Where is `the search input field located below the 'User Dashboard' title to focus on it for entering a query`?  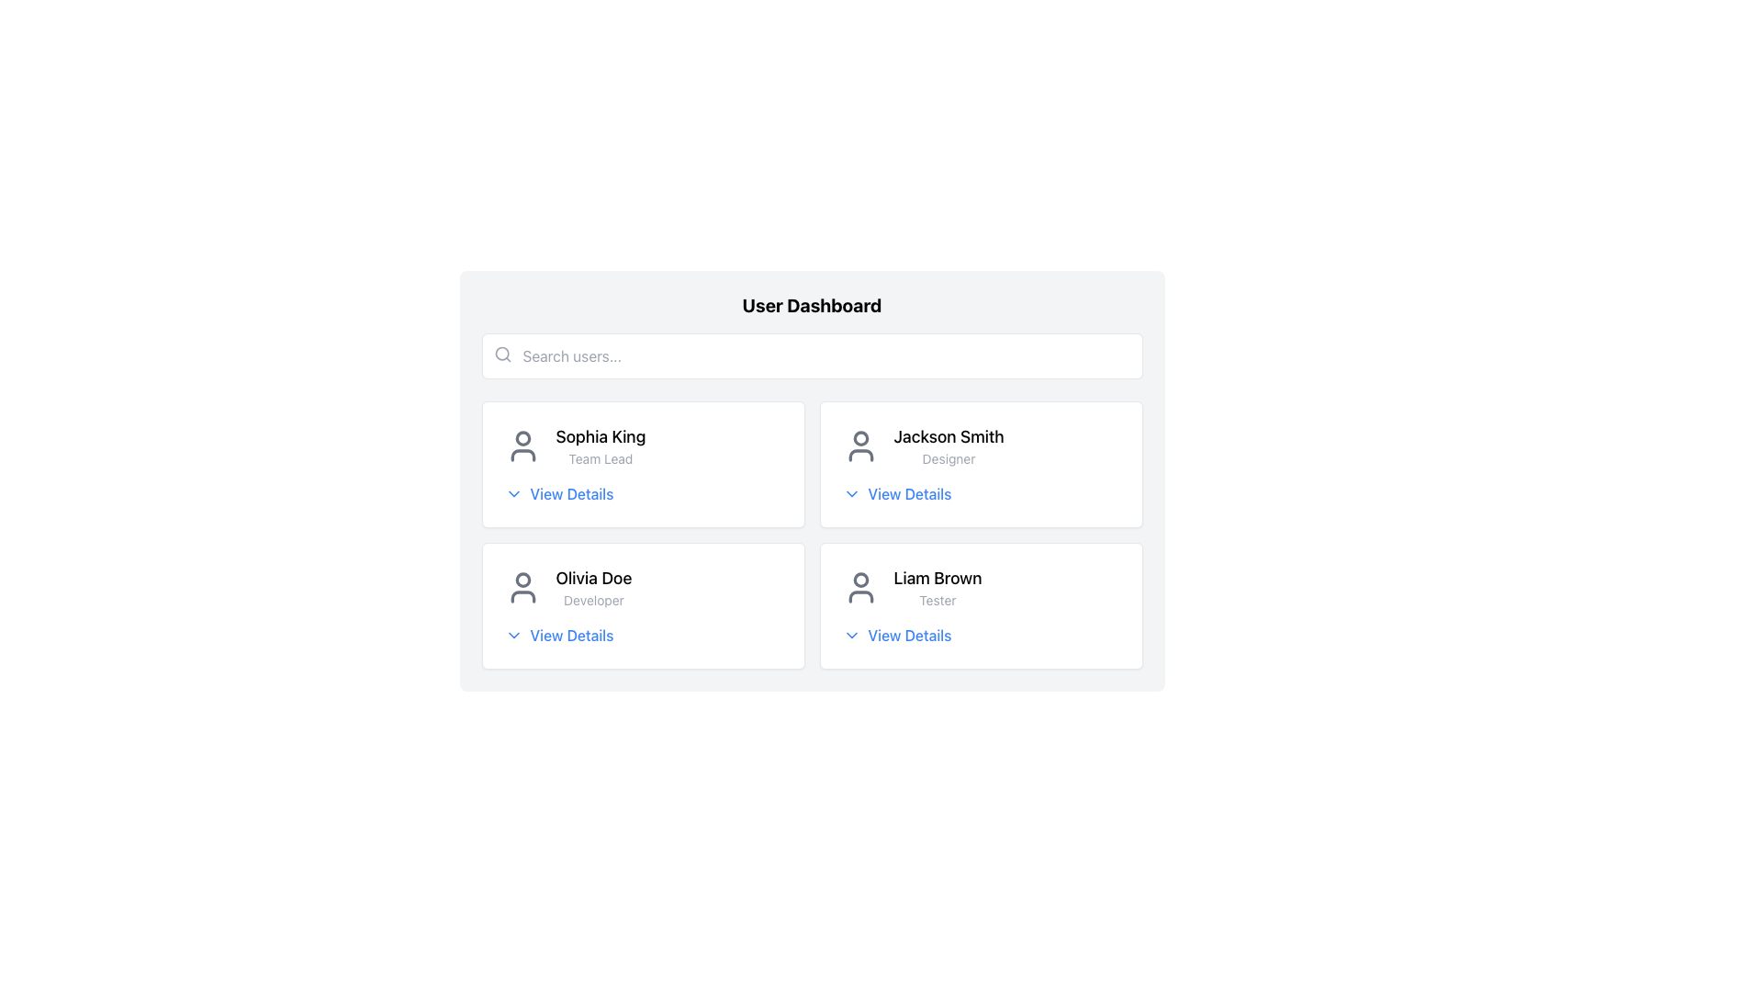 the search input field located below the 'User Dashboard' title to focus on it for entering a query is located at coordinates (811, 356).